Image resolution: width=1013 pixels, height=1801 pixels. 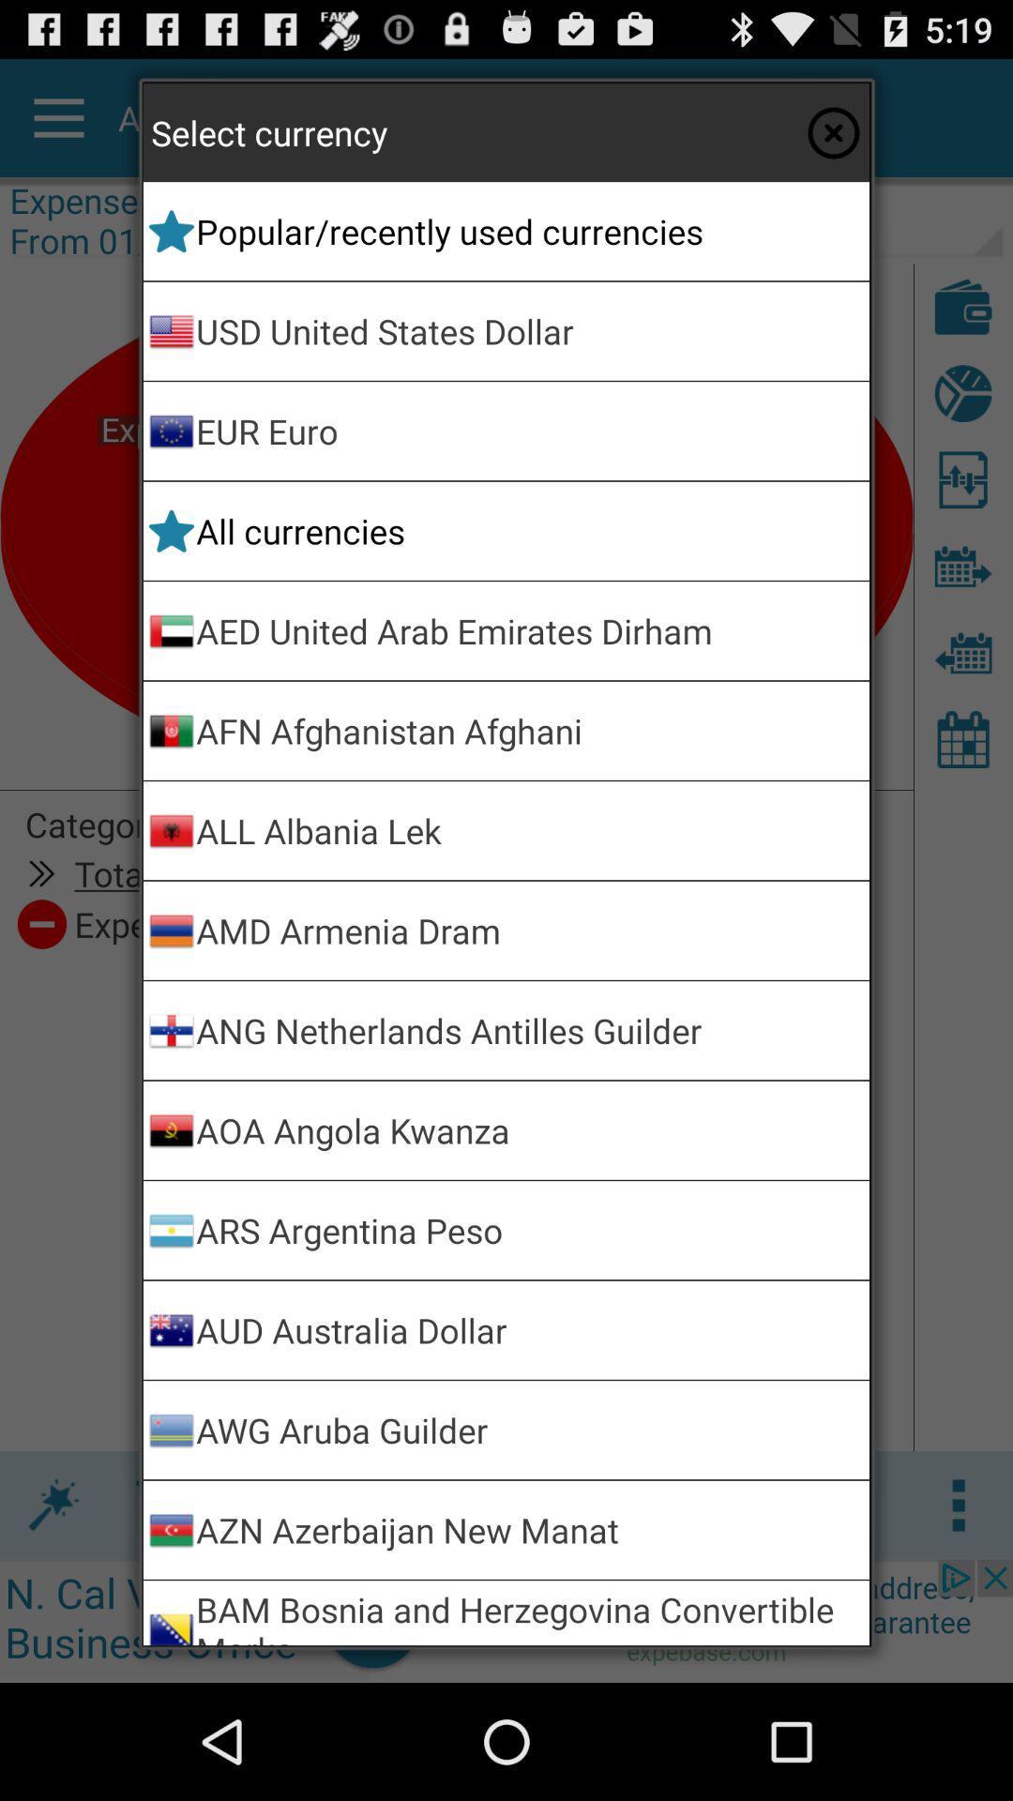 What do you see at coordinates (529, 630) in the screenshot?
I see `the app below all currencies app` at bounding box center [529, 630].